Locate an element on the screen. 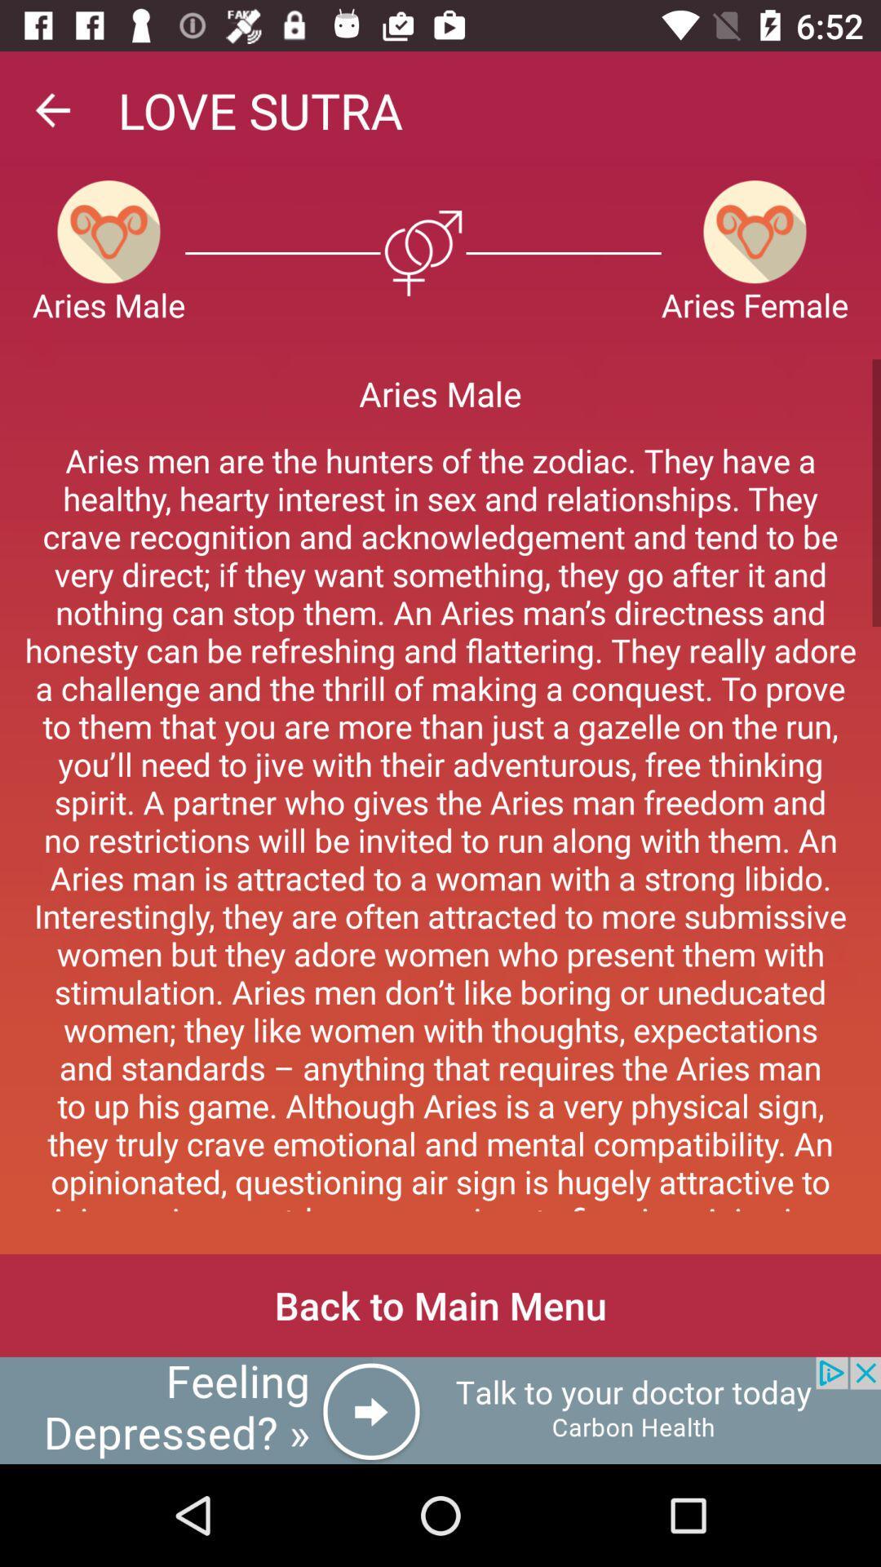  advertisement website is located at coordinates (440, 1409).